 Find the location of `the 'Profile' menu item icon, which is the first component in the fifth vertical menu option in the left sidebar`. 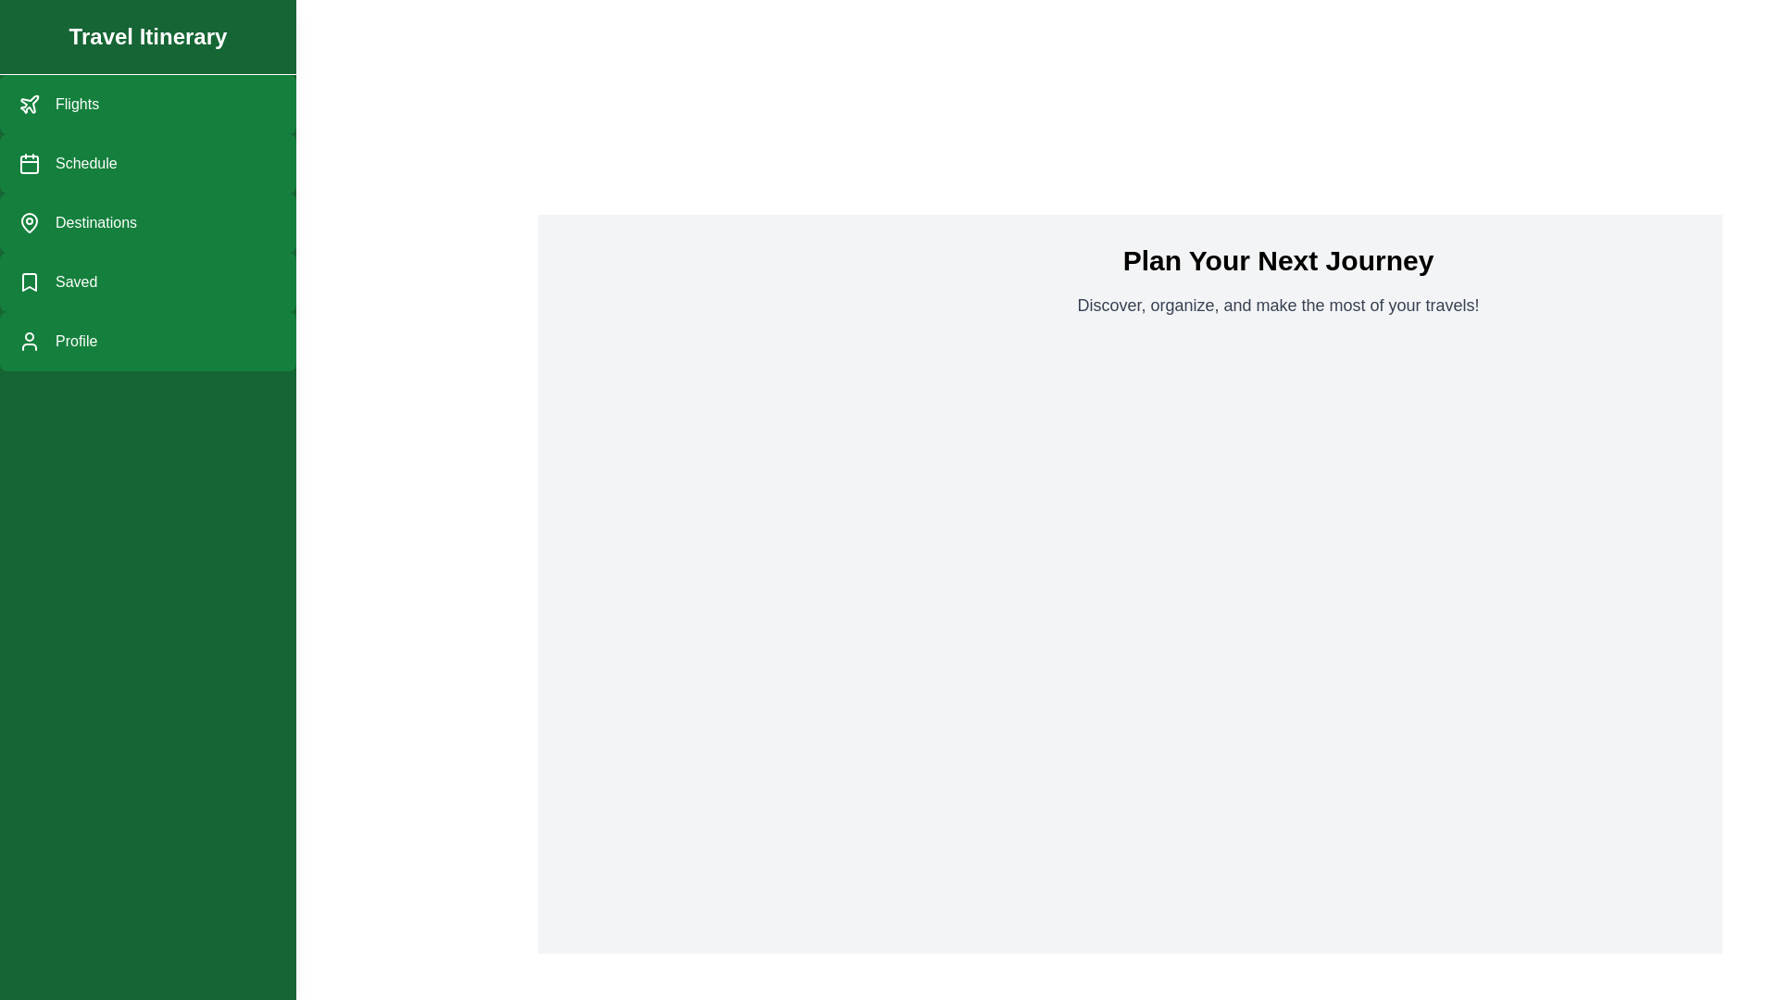

the 'Profile' menu item icon, which is the first component in the fifth vertical menu option in the left sidebar is located at coordinates (30, 342).